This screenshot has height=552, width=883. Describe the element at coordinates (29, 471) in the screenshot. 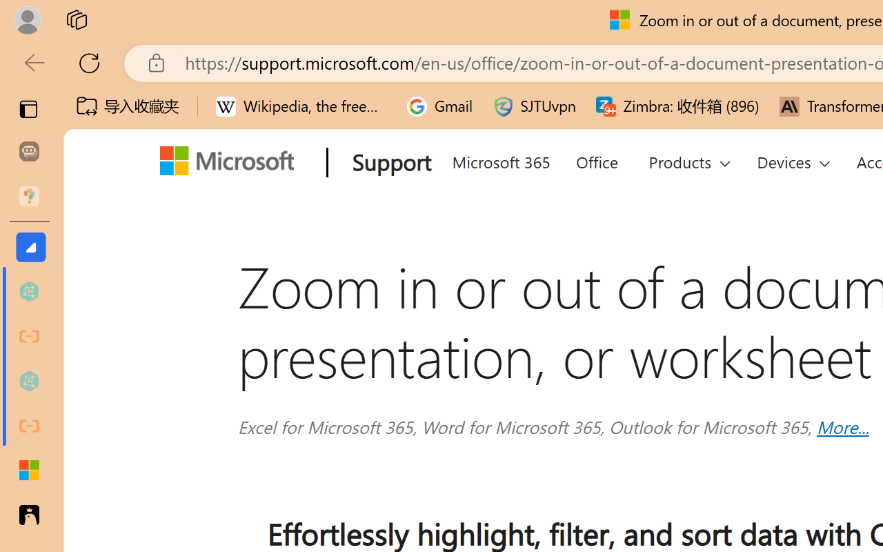

I see `'Adjust indents and spacing - Microsoft Support'` at that location.